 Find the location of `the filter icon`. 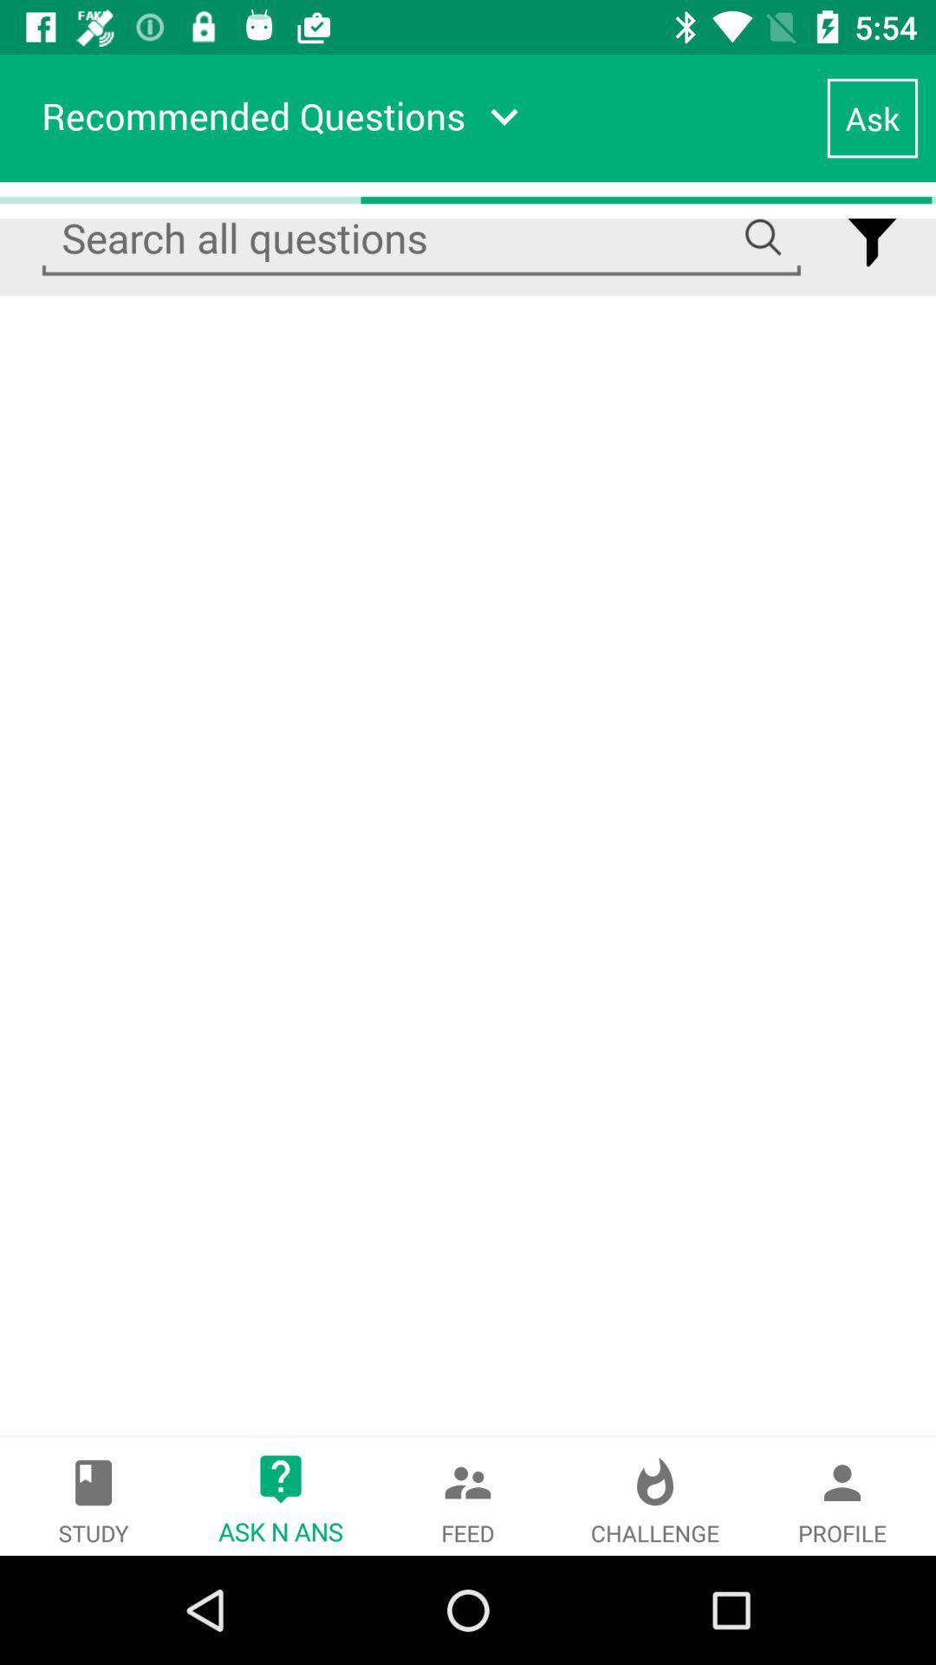

the filter icon is located at coordinates (872, 238).